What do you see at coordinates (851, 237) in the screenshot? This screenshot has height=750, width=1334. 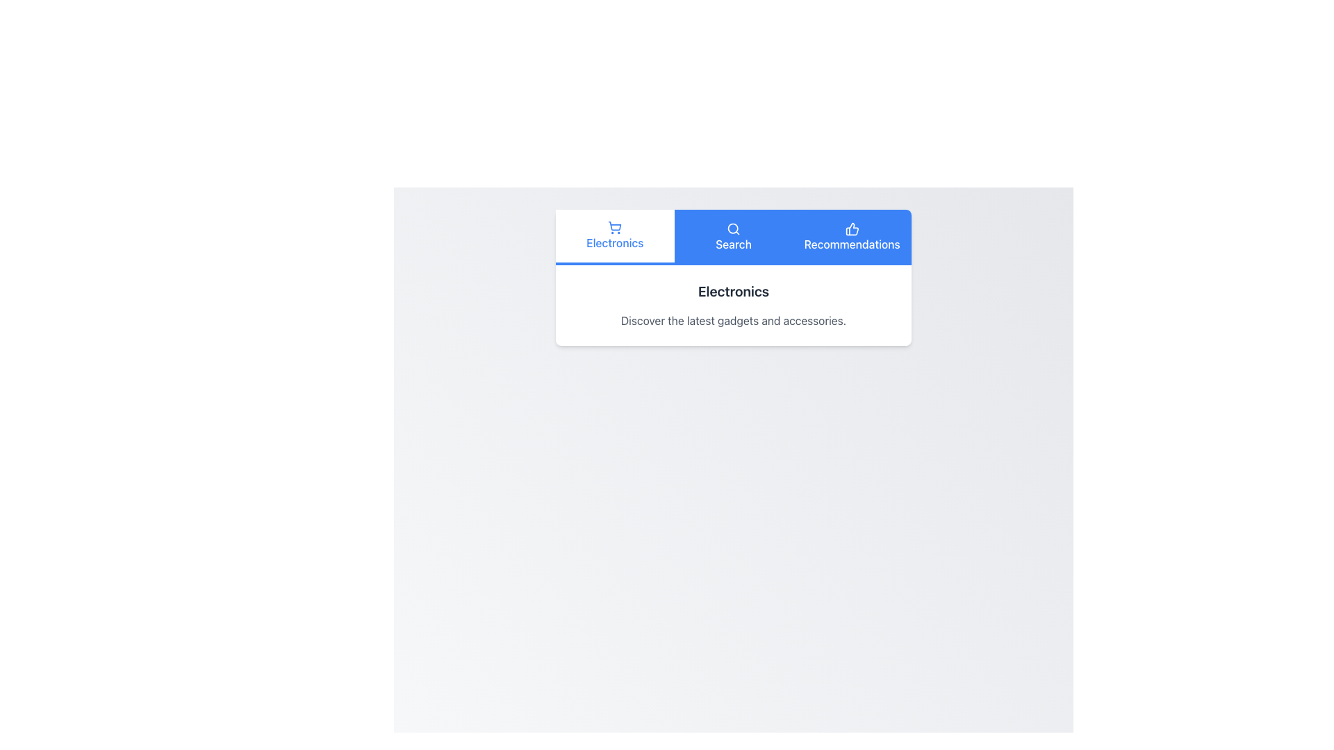 I see `the navigation button labeled 'Recommendations' located in the horizontal menu at the top of the interface` at bounding box center [851, 237].